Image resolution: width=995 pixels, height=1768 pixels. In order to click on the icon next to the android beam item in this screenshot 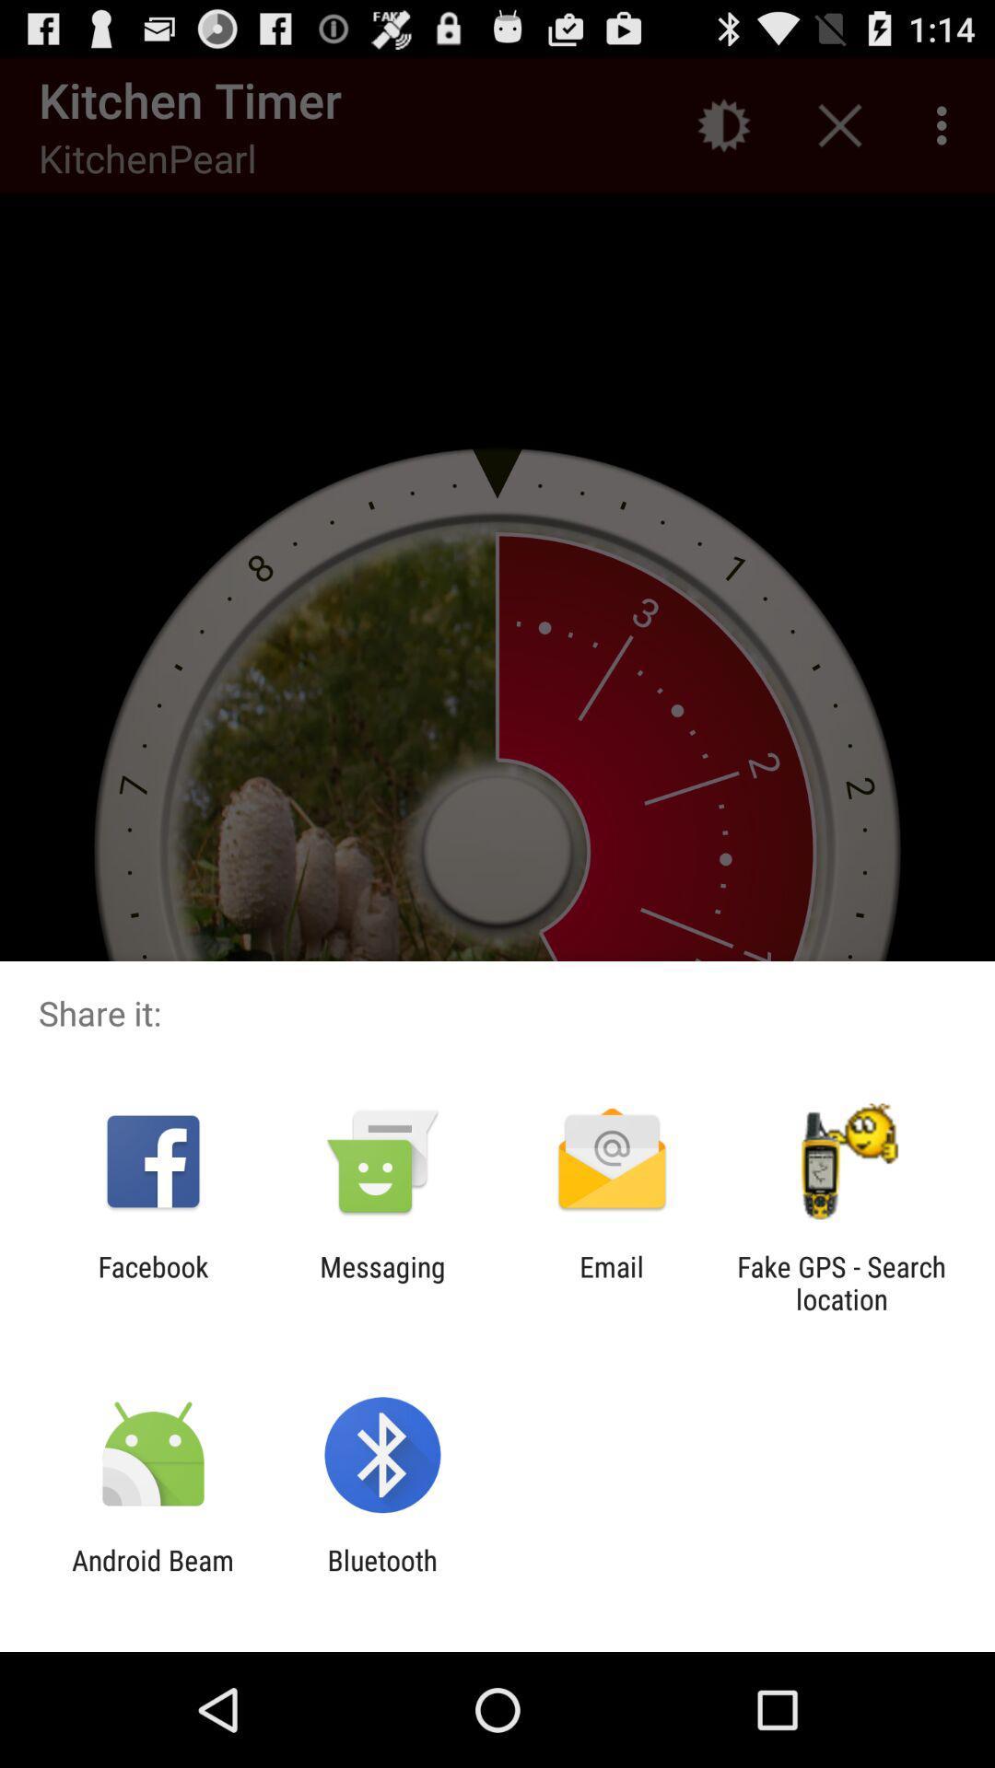, I will do `click(381, 1576)`.